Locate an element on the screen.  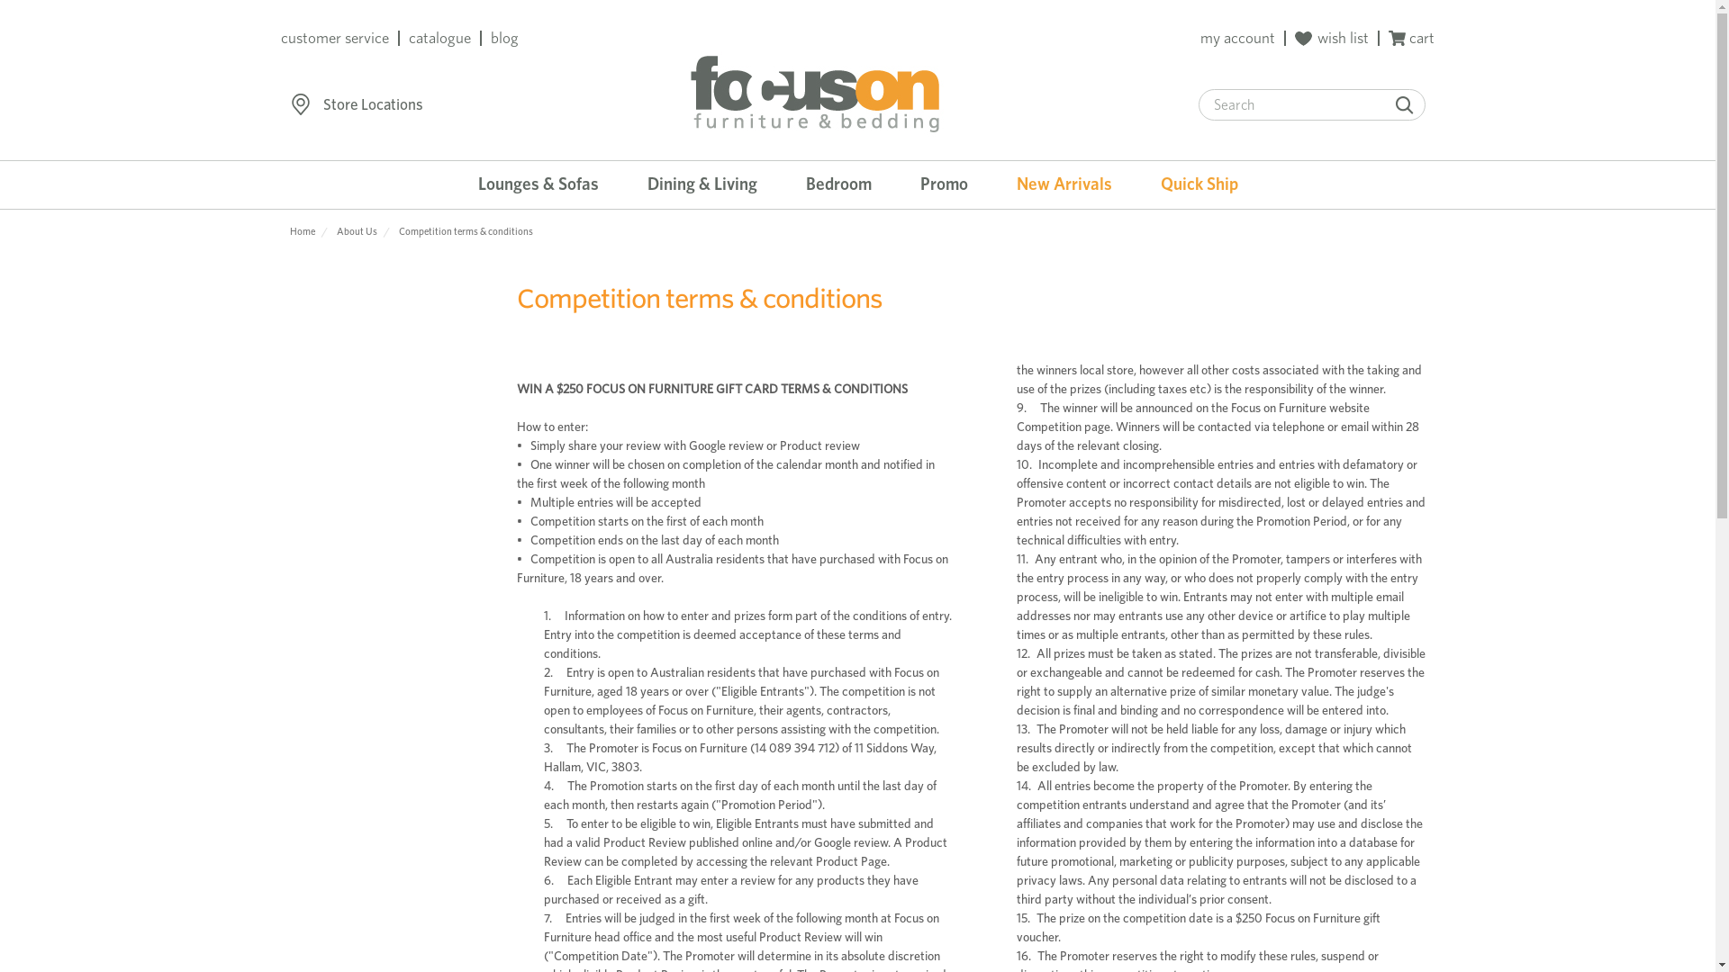
'Lounges & Sofas' is located at coordinates (538, 184).